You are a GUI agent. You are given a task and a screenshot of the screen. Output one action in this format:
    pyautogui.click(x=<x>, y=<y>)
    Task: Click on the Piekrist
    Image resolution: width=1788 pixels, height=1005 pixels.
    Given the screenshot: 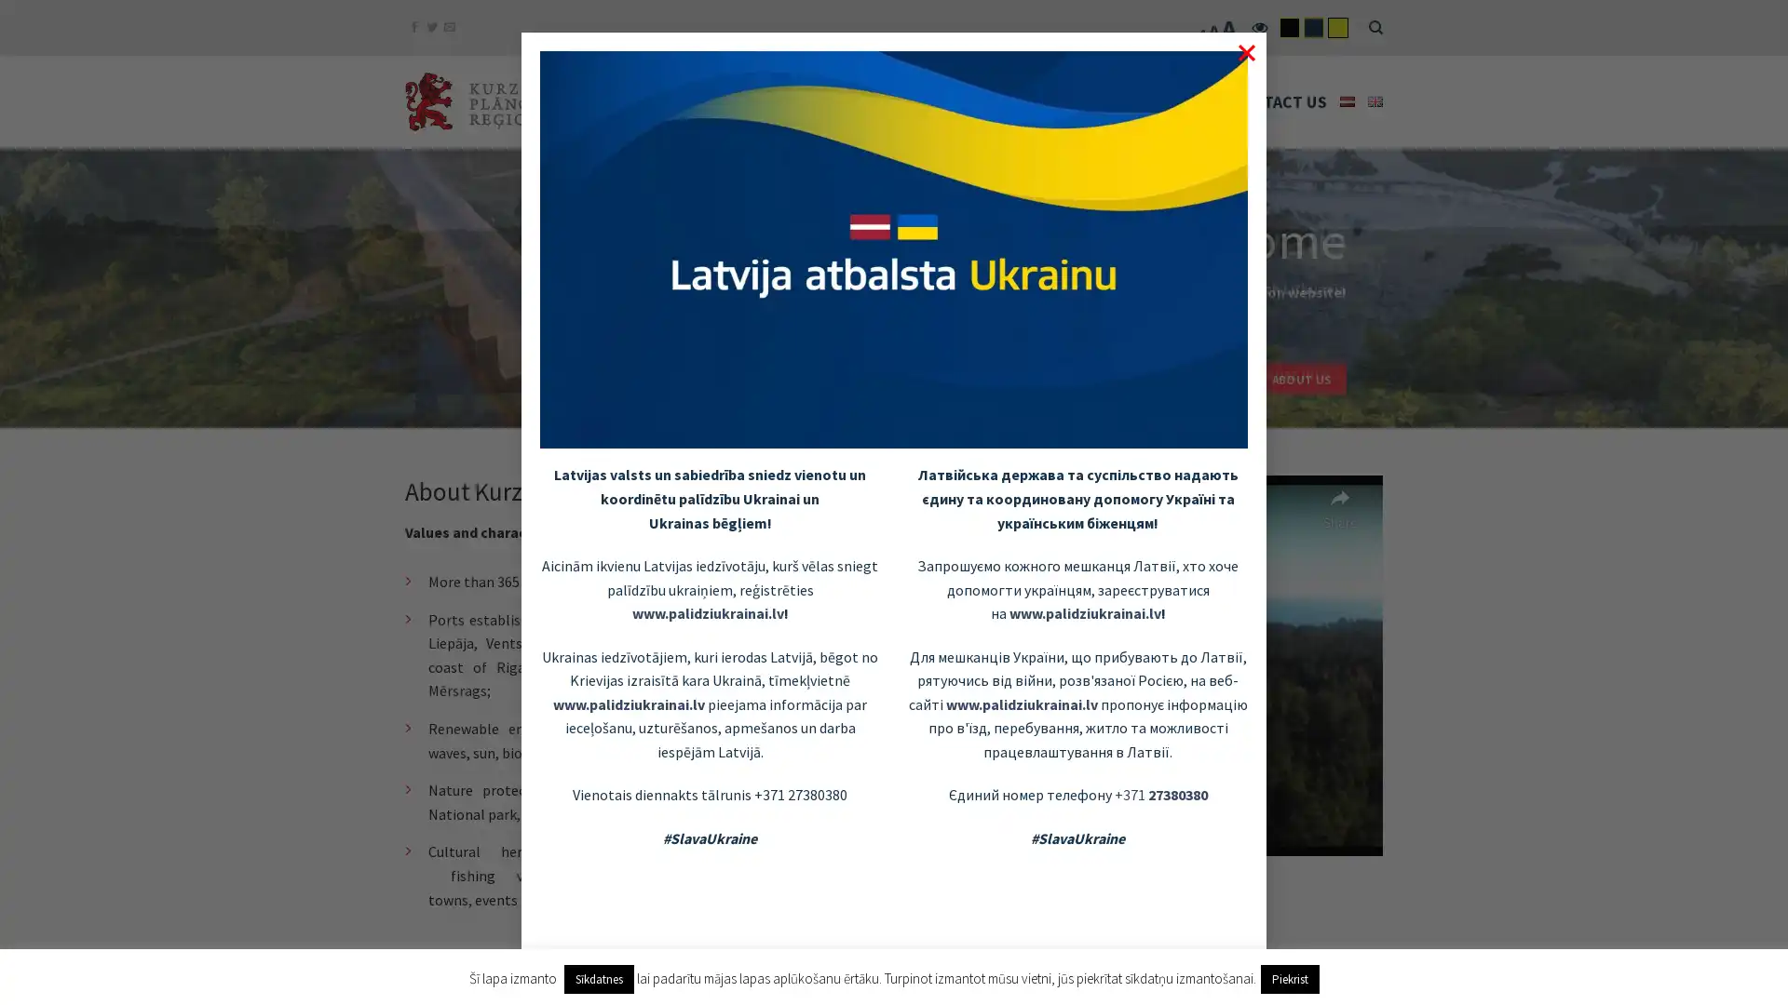 What is the action you would take?
    pyautogui.click(x=1288, y=978)
    